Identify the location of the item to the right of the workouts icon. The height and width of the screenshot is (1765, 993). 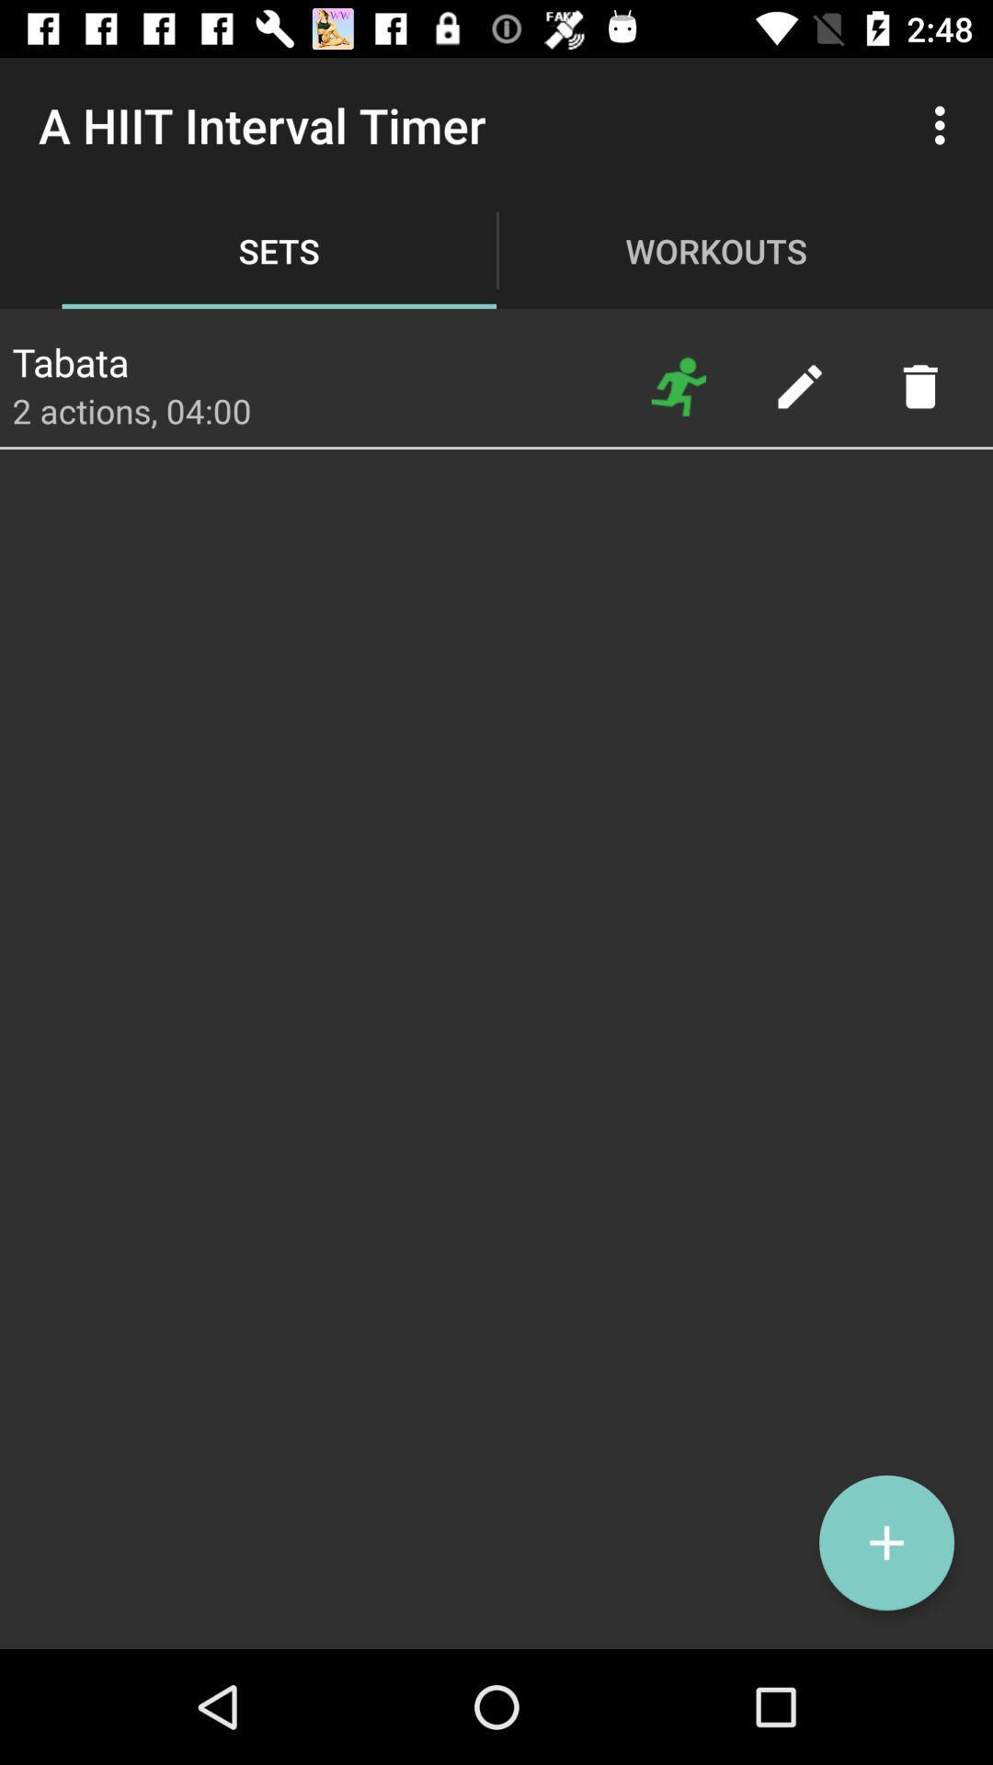
(944, 124).